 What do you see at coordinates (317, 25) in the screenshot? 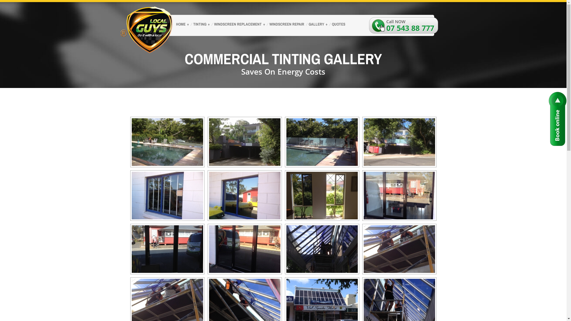
I see `'GALLERY'` at bounding box center [317, 25].